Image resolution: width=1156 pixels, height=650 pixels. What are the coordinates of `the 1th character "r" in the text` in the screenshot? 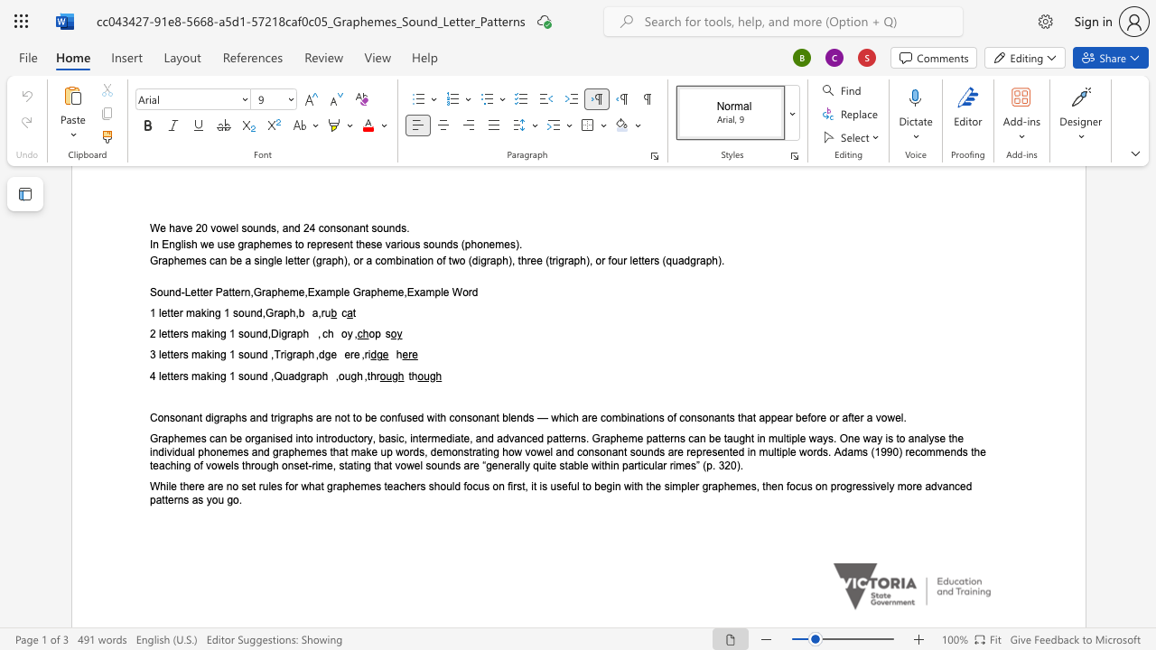 It's located at (160, 438).